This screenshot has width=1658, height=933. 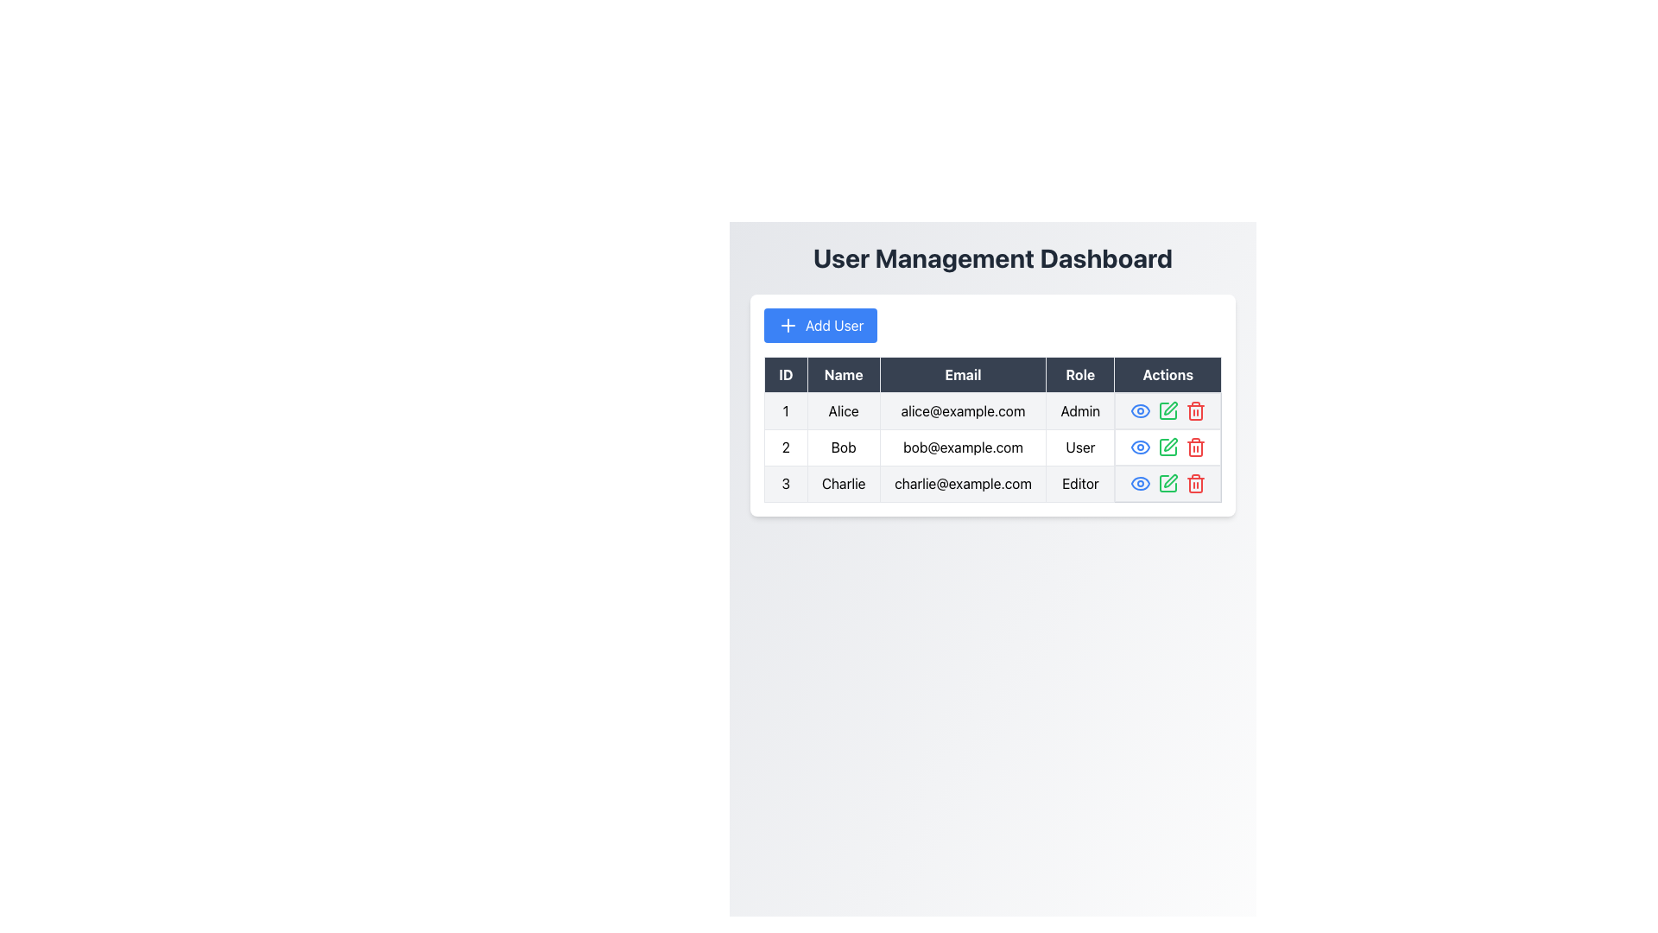 What do you see at coordinates (787, 326) in the screenshot?
I see `the '+' icon button that visually represents the action of adding a user, located above the user information table` at bounding box center [787, 326].